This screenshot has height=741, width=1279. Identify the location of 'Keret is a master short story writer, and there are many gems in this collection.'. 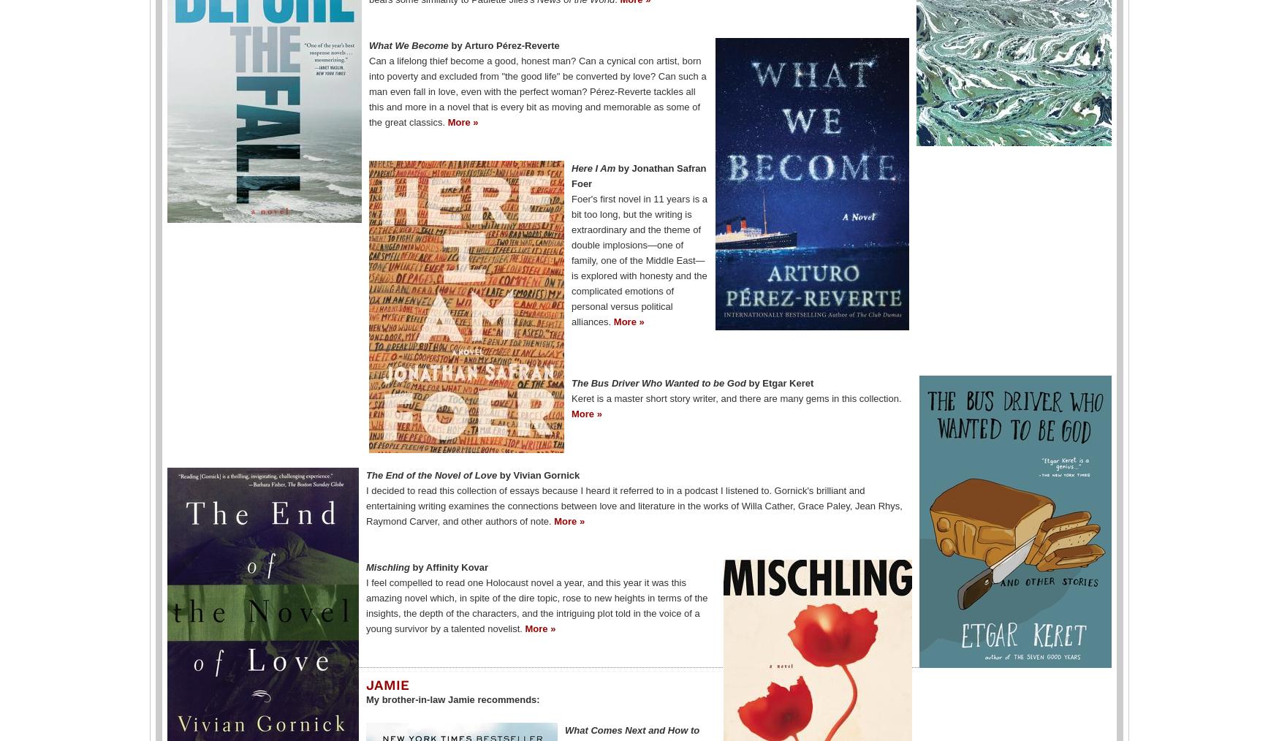
(735, 397).